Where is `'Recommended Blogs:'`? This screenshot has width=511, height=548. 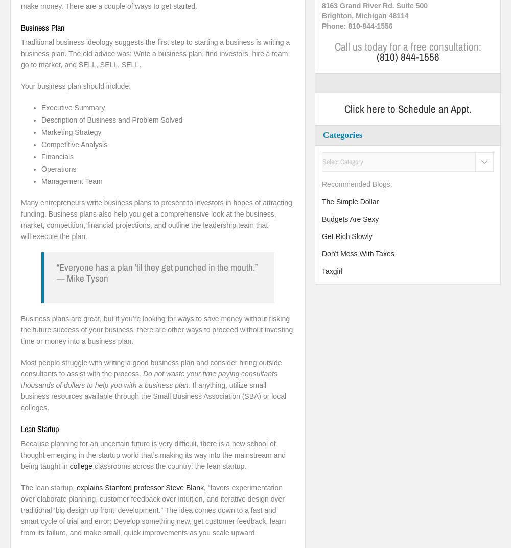 'Recommended Blogs:' is located at coordinates (356, 183).